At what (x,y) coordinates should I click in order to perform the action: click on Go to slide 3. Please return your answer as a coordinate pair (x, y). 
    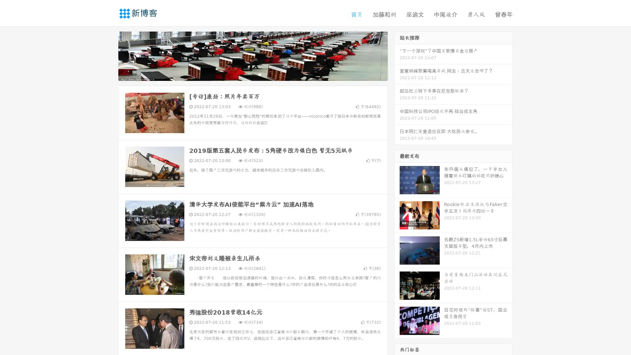
    Looking at the image, I should click on (259, 74).